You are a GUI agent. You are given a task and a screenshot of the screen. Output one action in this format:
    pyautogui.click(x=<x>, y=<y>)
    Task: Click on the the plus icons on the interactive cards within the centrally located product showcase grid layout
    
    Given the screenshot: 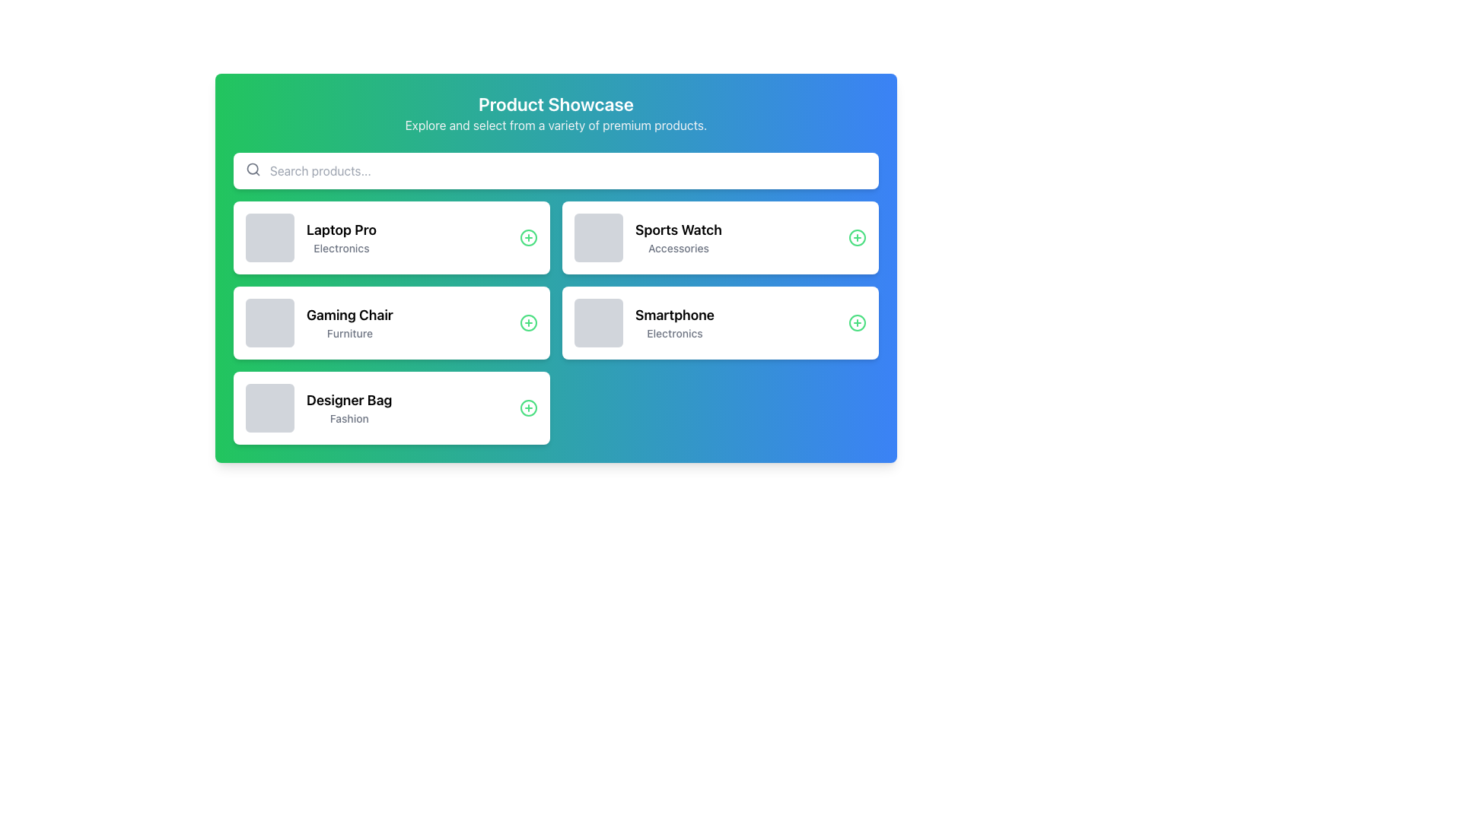 What is the action you would take?
    pyautogui.click(x=555, y=322)
    